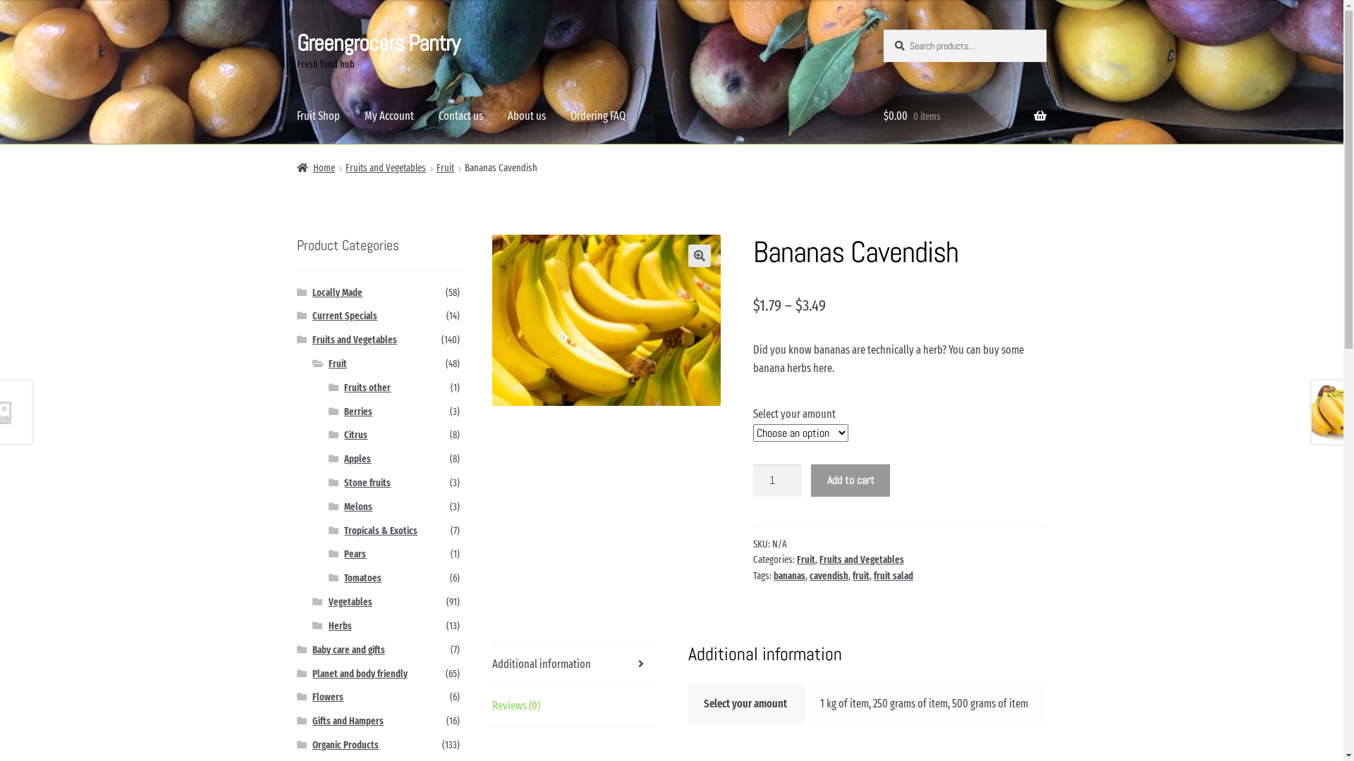  I want to click on 'Contact us', so click(461, 116).